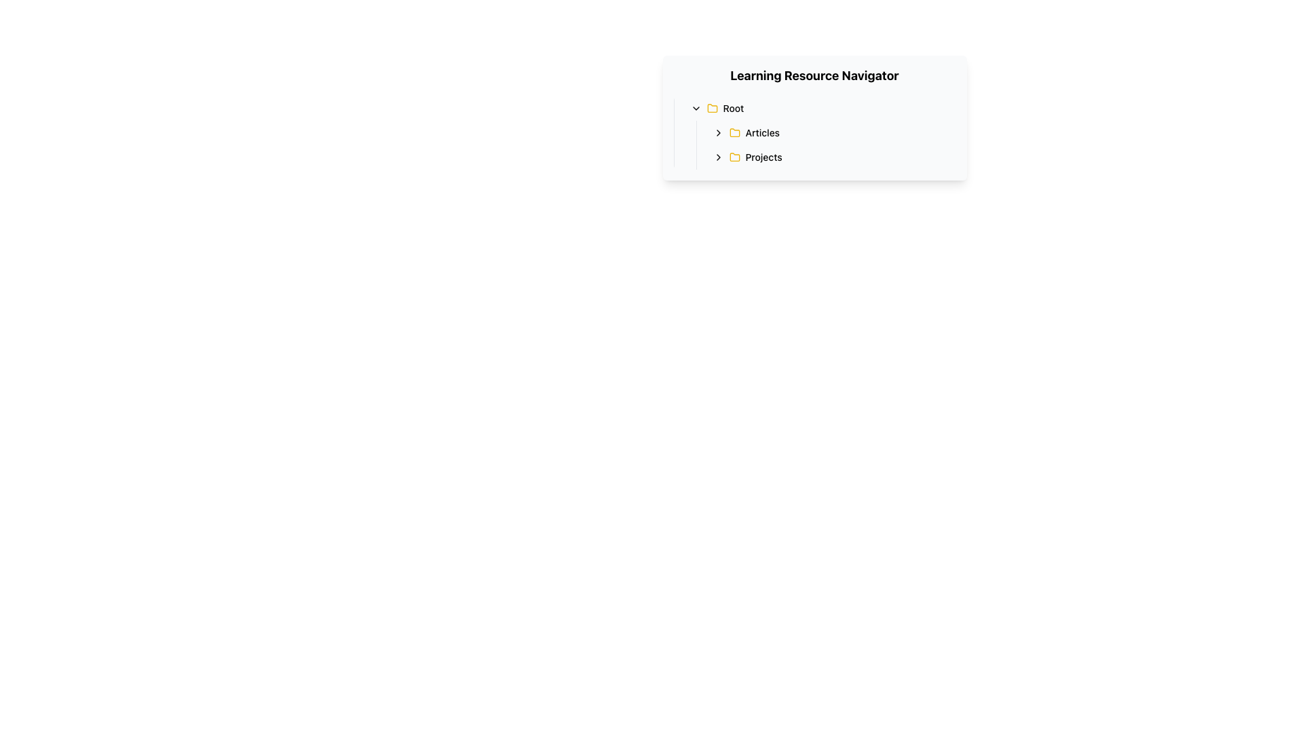 The width and height of the screenshot is (1303, 733). I want to click on the modern yellow folder icon labeled 'Root' in the 'Learning Resource Navigator' panel, so click(734, 132).